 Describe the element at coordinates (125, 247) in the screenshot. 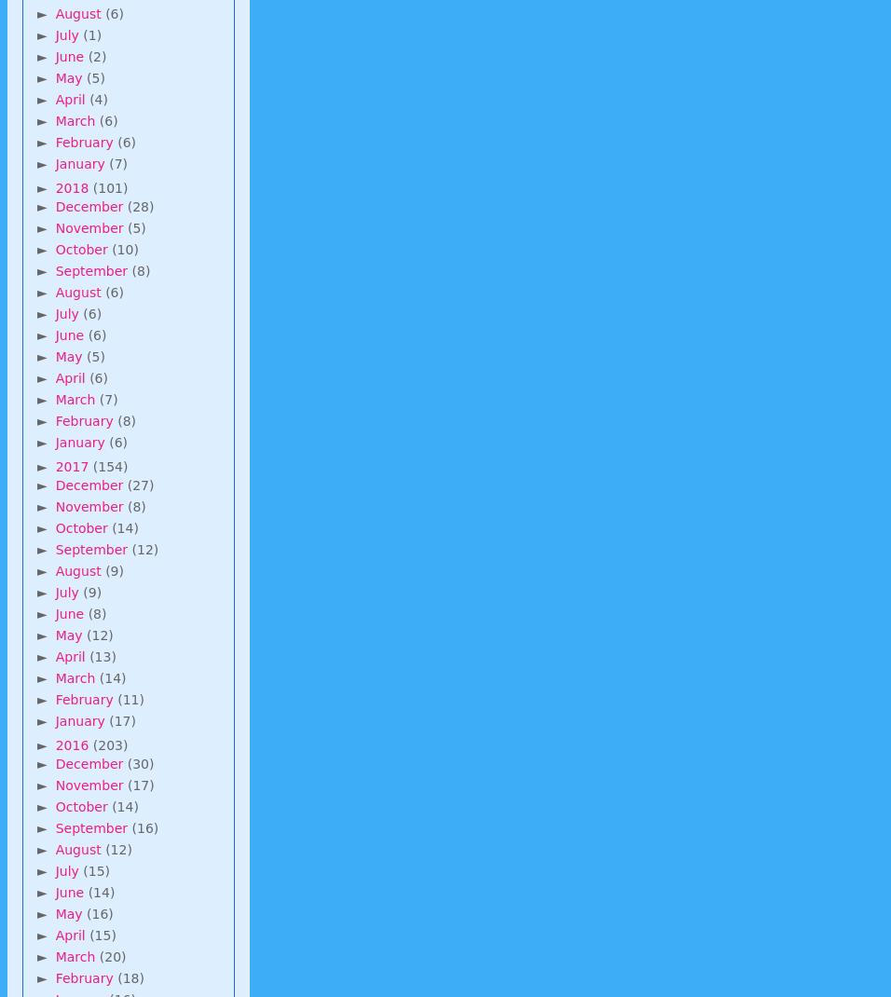

I see `'(10)'` at that location.